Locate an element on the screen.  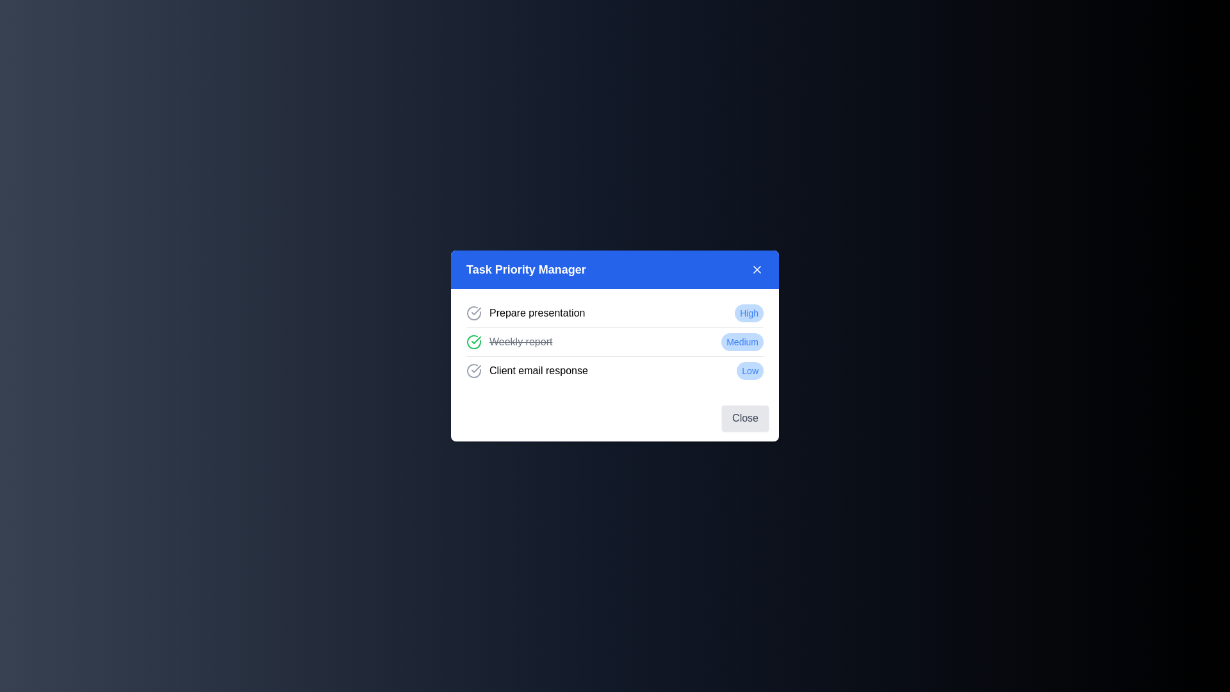
the 'Low' priority level label indicating the priority of the 'Client email response' task, which is located to the far right of its row in the modal dialog is located at coordinates (750, 370).